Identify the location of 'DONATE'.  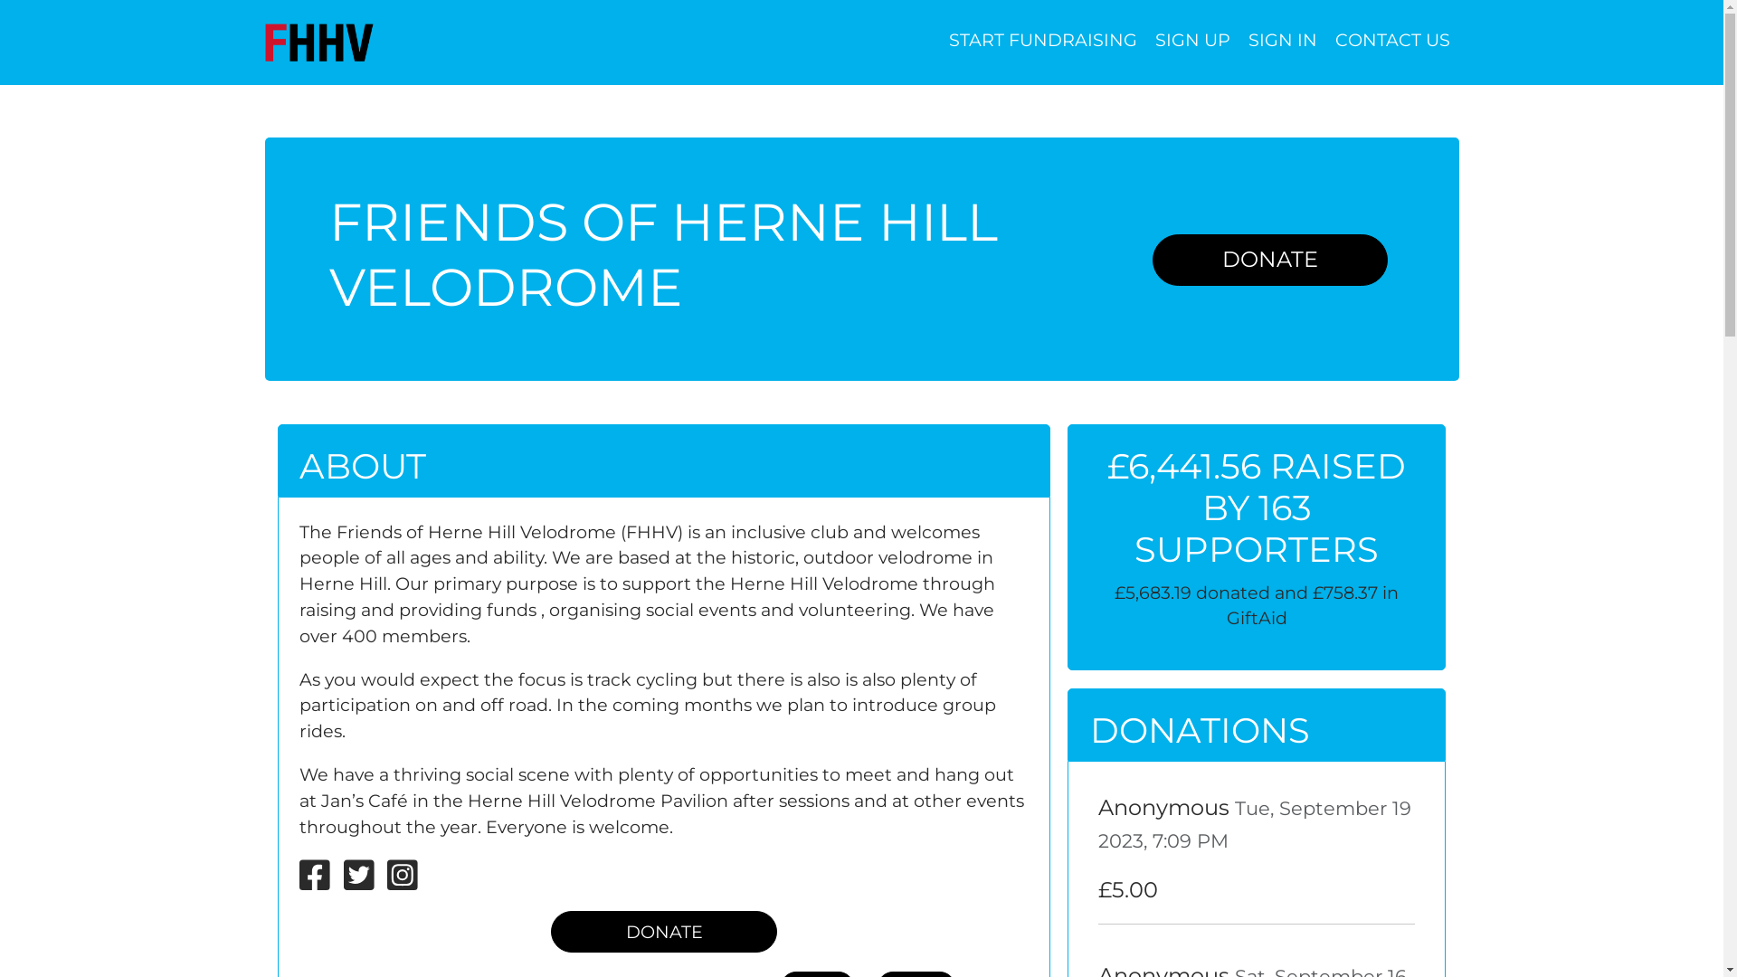
(1268, 260).